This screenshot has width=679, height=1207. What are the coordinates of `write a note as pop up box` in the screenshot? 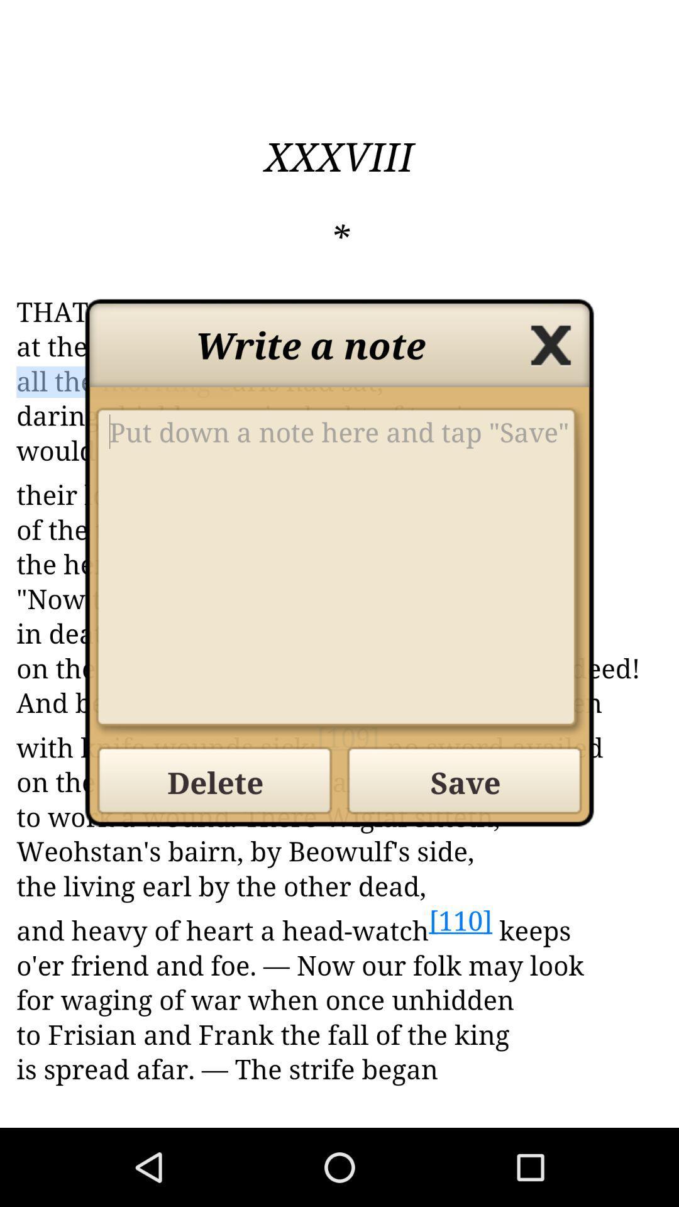 It's located at (339, 571).